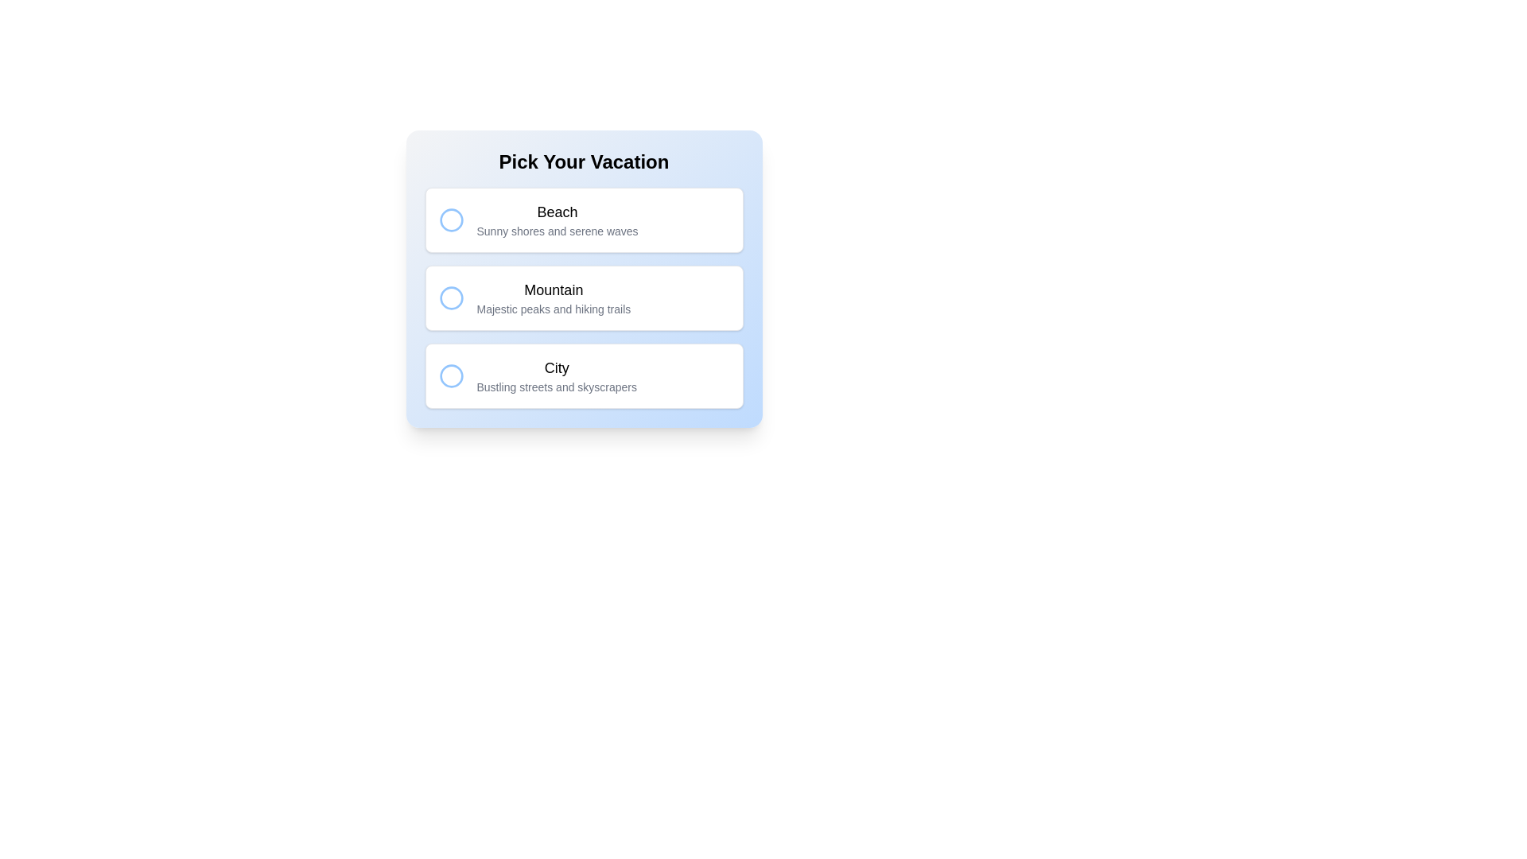  Describe the element at coordinates (554, 309) in the screenshot. I see `the text label displaying 'Majestic peaks and hiking trails', which is located below the 'Mountain' text in the vertical menu under 'Pick Your Vacation'` at that location.